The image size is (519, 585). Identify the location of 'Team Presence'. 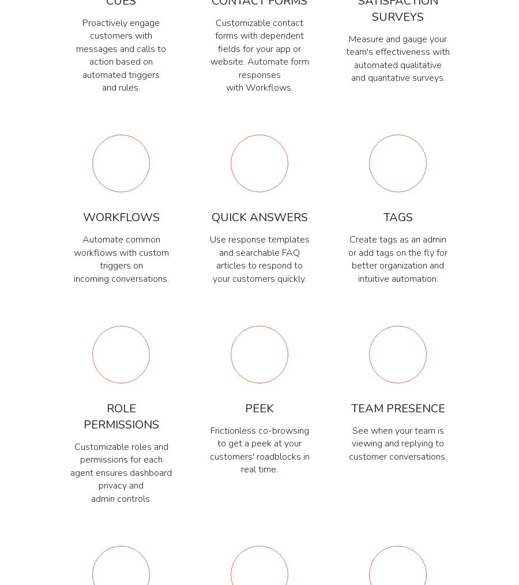
(397, 408).